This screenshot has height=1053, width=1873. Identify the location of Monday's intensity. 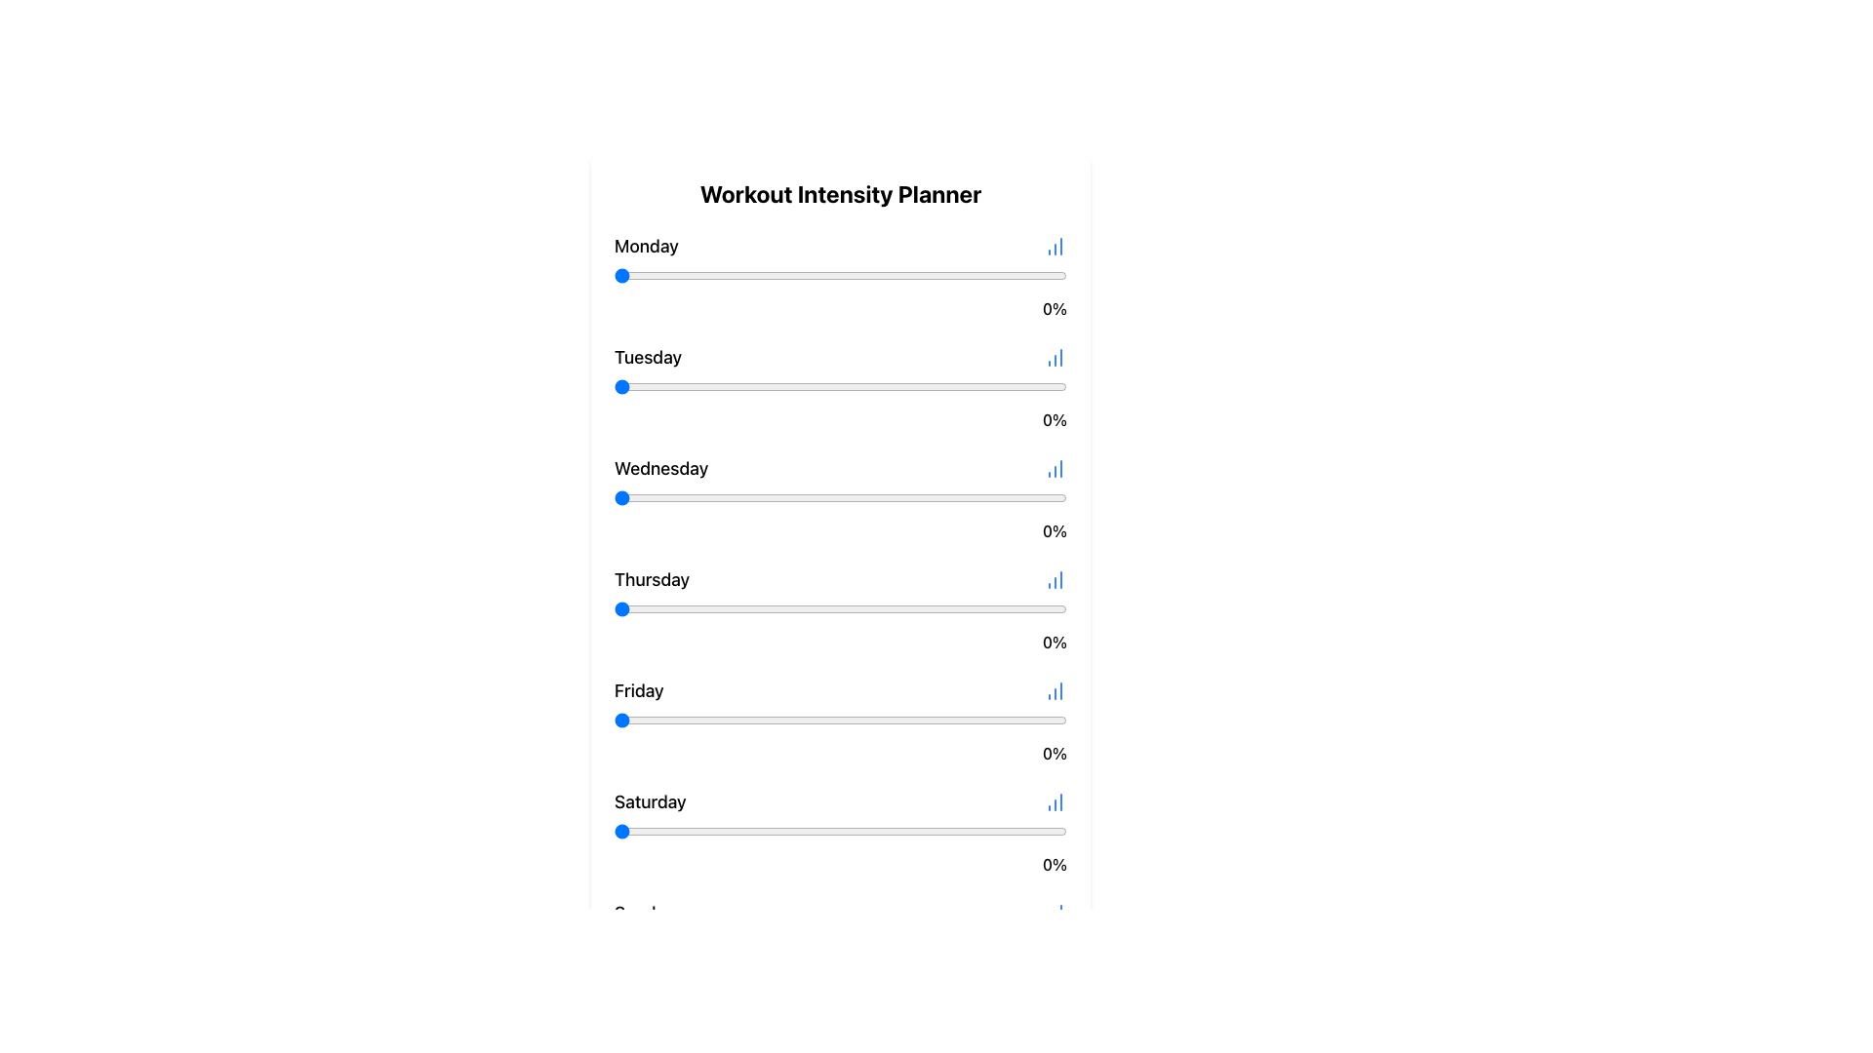
(613, 275).